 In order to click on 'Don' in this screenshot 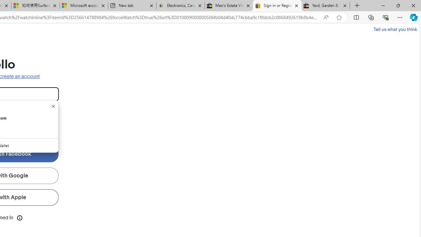, I will do `click(53, 106)`.